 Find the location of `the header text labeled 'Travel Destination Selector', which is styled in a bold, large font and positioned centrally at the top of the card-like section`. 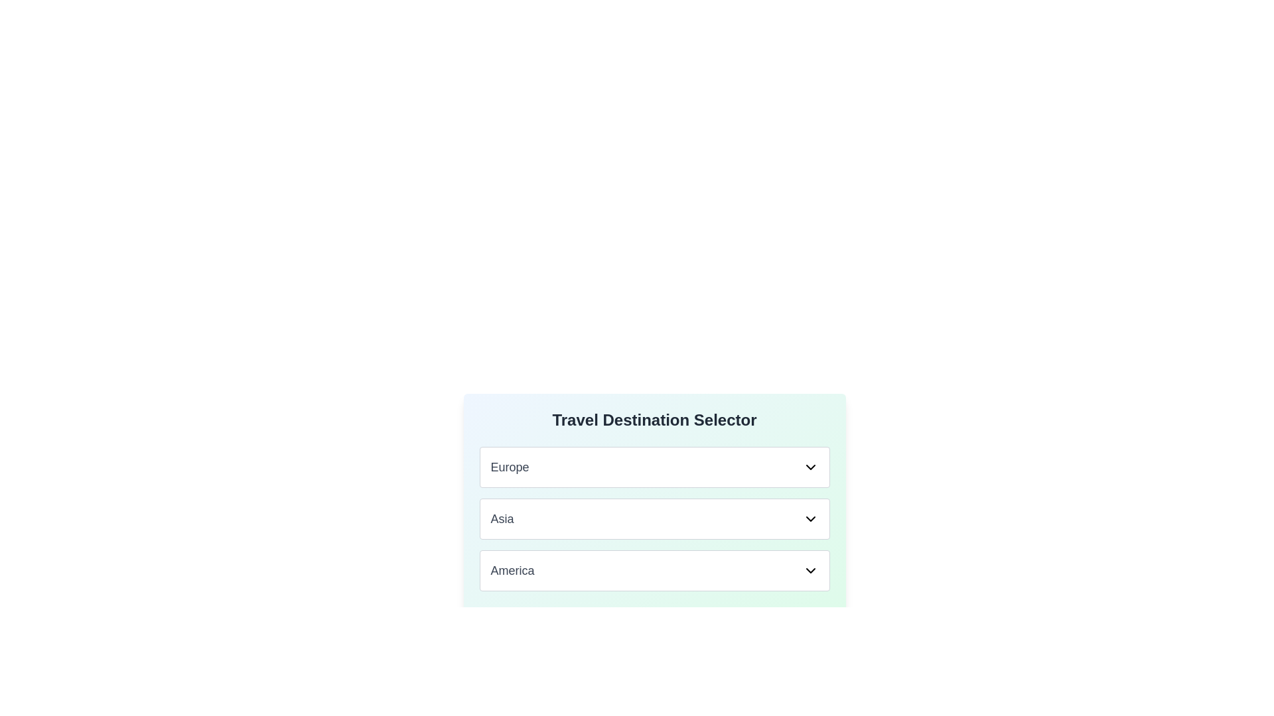

the header text labeled 'Travel Destination Selector', which is styled in a bold, large font and positioned centrally at the top of the card-like section is located at coordinates (654, 420).